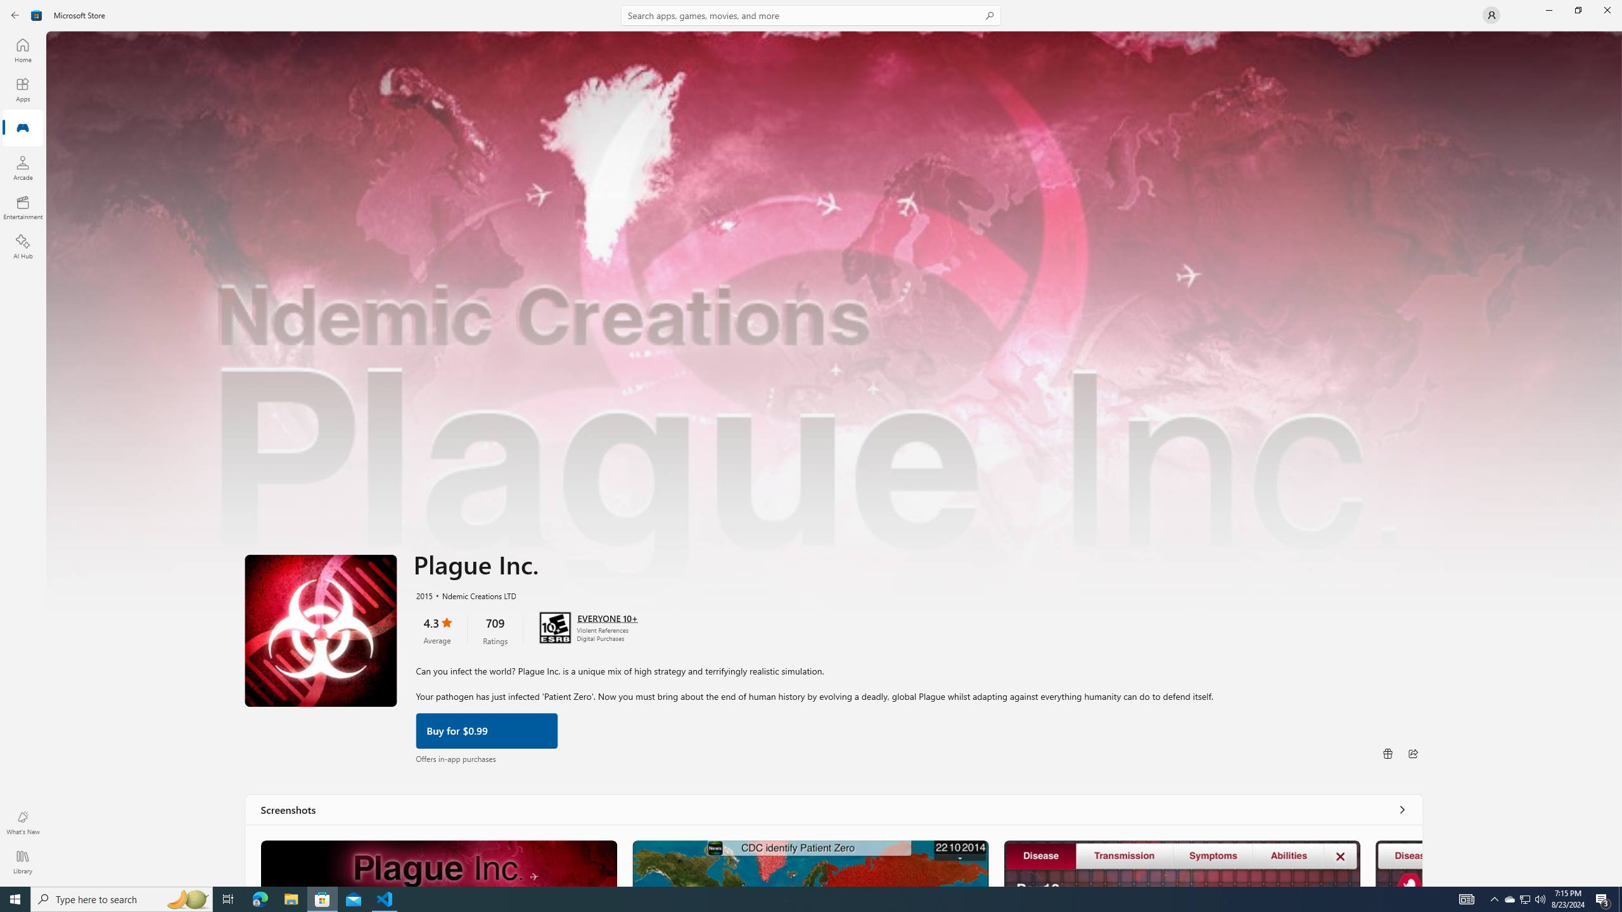 The height and width of the screenshot is (912, 1622). Describe the element at coordinates (1578, 9) in the screenshot. I see `'Restore Microsoft Store'` at that location.